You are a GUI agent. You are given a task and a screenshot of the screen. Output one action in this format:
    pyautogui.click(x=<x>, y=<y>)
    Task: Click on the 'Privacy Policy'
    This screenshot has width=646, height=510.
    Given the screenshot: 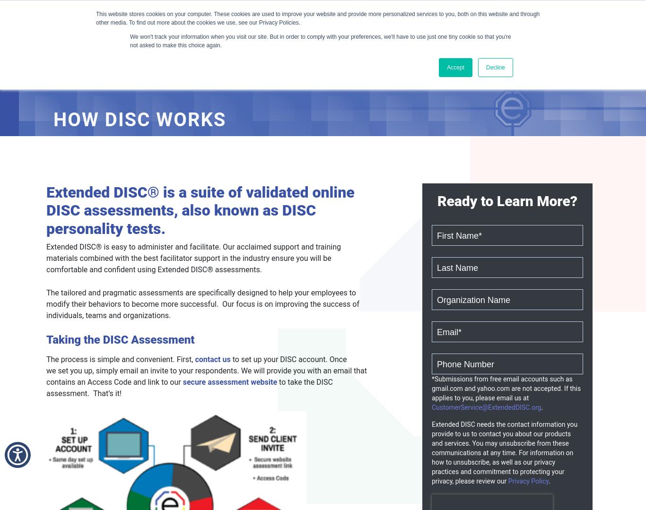 What is the action you would take?
    pyautogui.click(x=507, y=480)
    